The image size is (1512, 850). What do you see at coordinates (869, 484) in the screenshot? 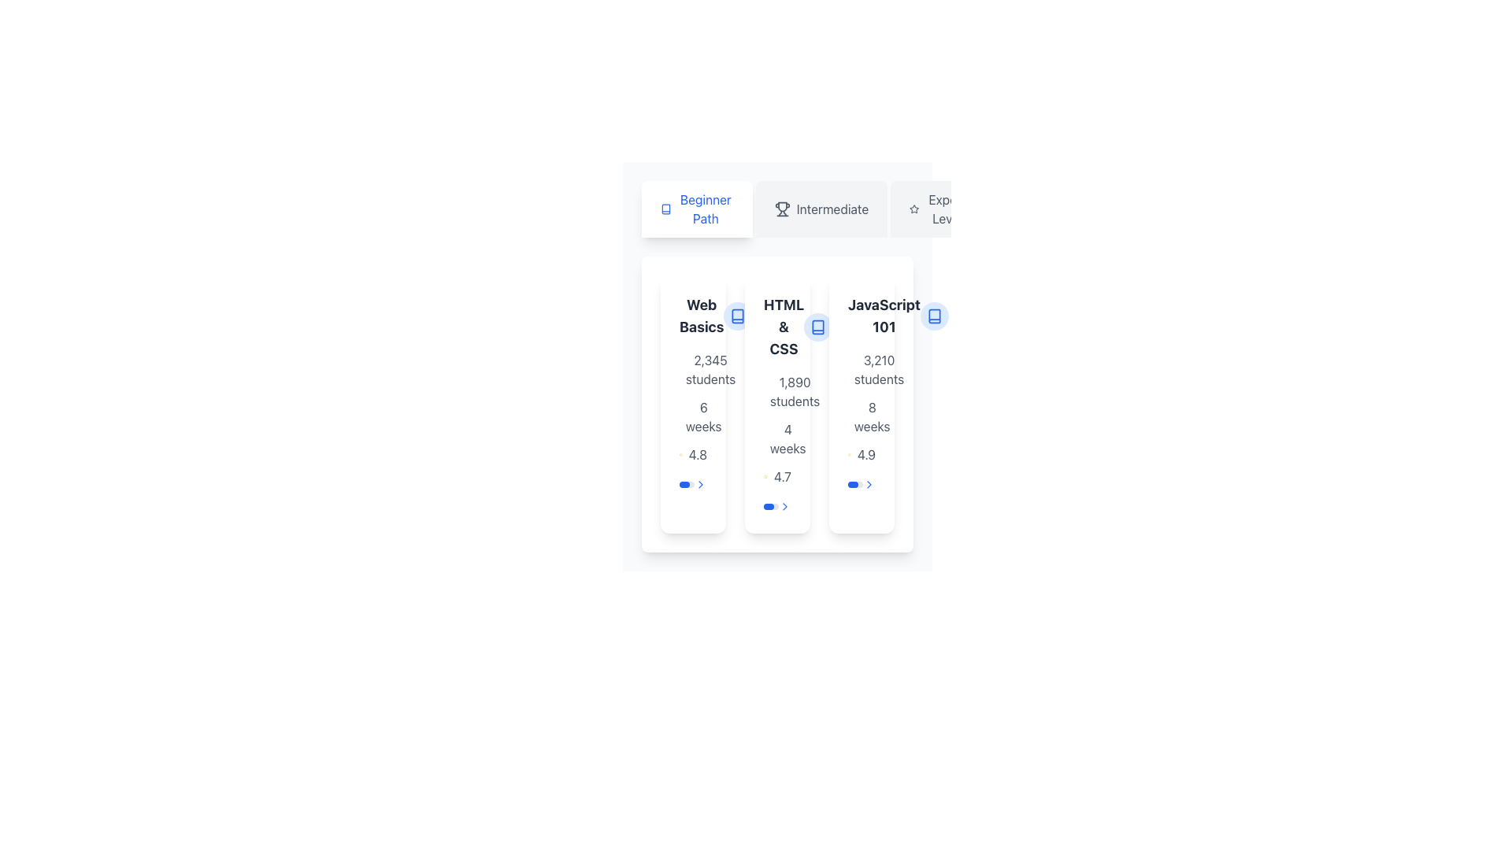
I see `the blue chevron-shaped arrow icon located at the bottom-right of the 'JavaScript 101' course card` at bounding box center [869, 484].